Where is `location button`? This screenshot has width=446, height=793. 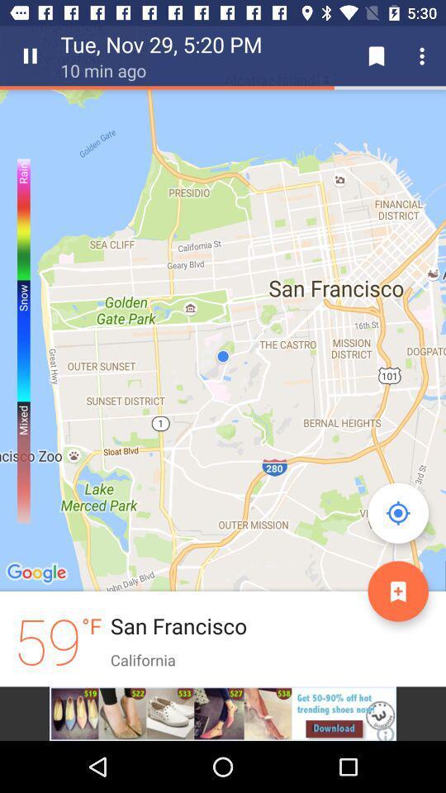
location button is located at coordinates (397, 512).